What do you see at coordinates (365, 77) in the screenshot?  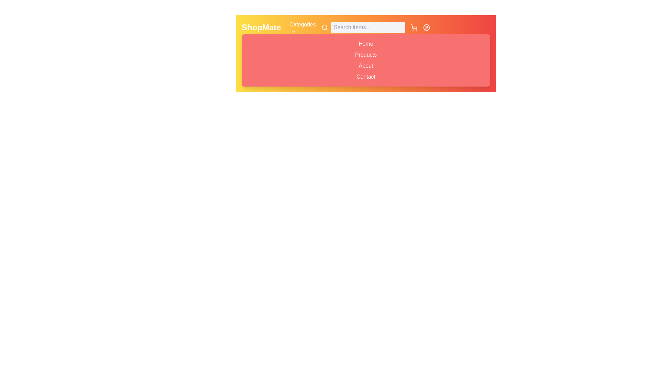 I see `the 'Contact' navigation link, which is the last item in the vertical menu, located below the 'About' entry` at bounding box center [365, 77].